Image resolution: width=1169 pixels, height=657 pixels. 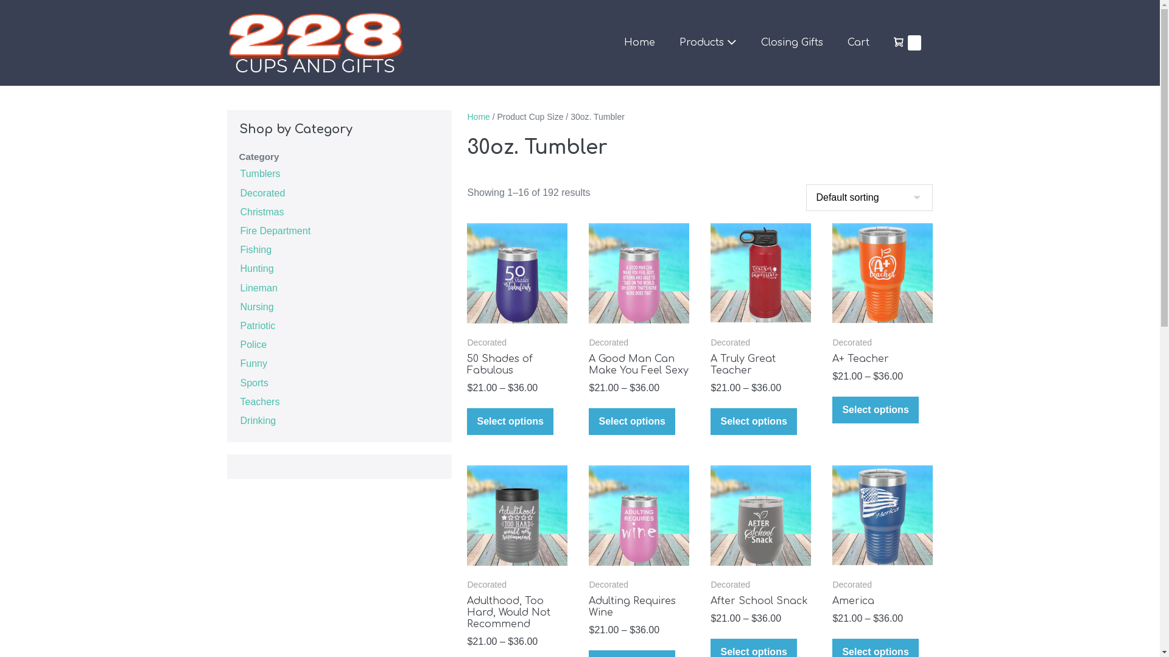 What do you see at coordinates (257, 419) in the screenshot?
I see `'Drinking'` at bounding box center [257, 419].